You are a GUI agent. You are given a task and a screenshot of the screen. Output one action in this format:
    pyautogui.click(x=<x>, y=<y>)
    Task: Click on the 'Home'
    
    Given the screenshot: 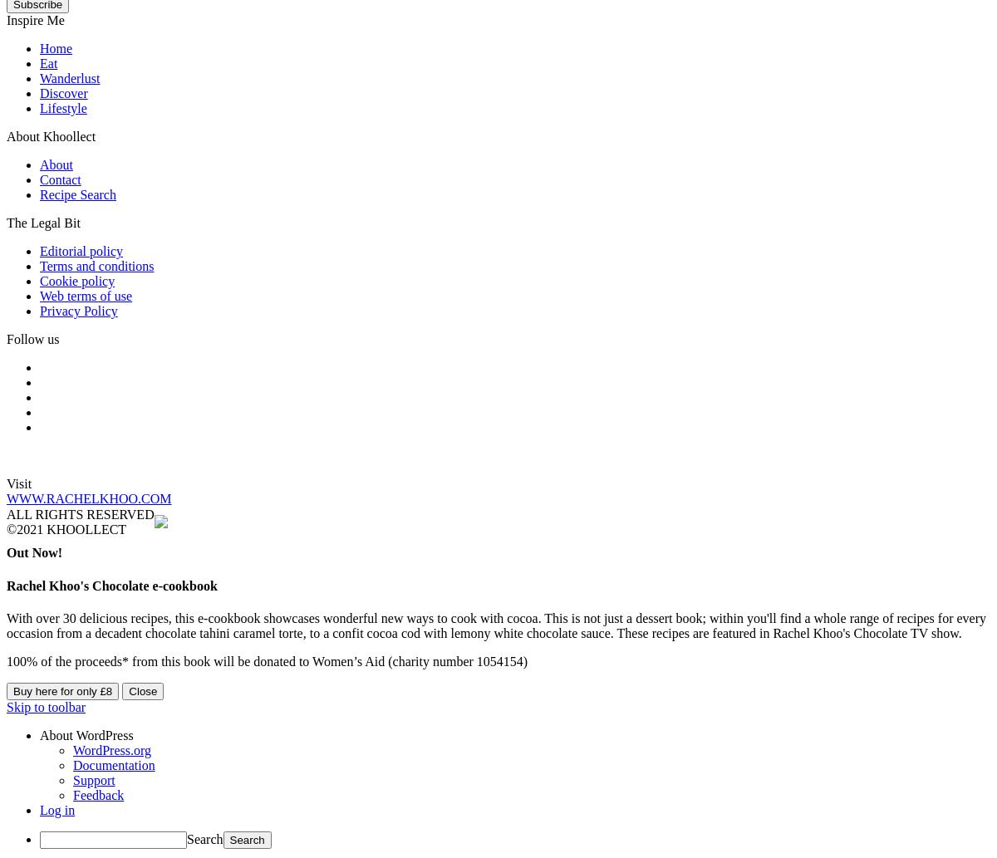 What is the action you would take?
    pyautogui.click(x=56, y=48)
    